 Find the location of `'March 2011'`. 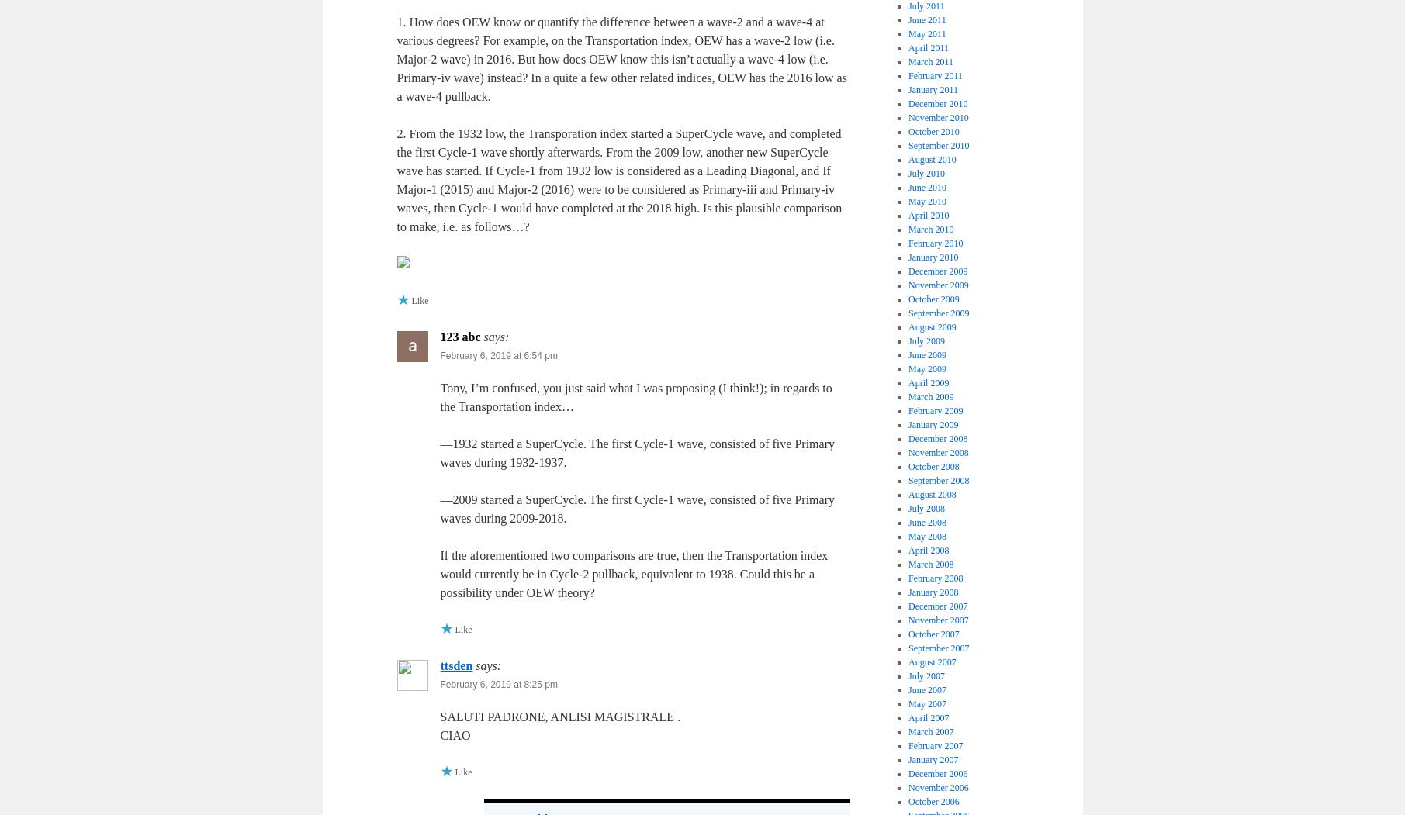

'March 2011' is located at coordinates (929, 60).